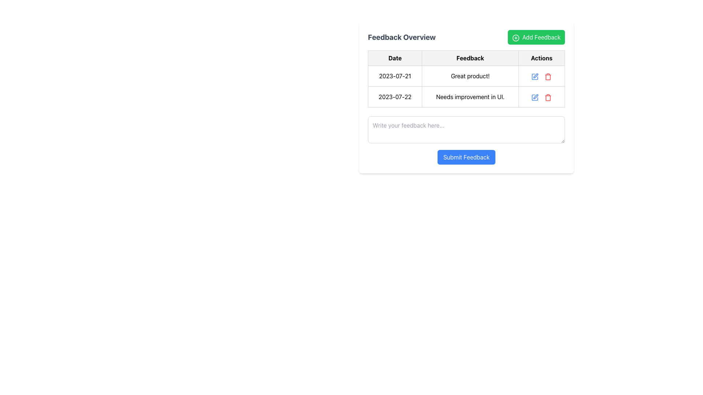 Image resolution: width=703 pixels, height=395 pixels. What do you see at coordinates (466, 97) in the screenshot?
I see `the table cell displaying user feedback in the 'Feedback Overview' table, located in the second row under the 'Feedback' column, adjacent to the date '2023-07-22'` at bounding box center [466, 97].